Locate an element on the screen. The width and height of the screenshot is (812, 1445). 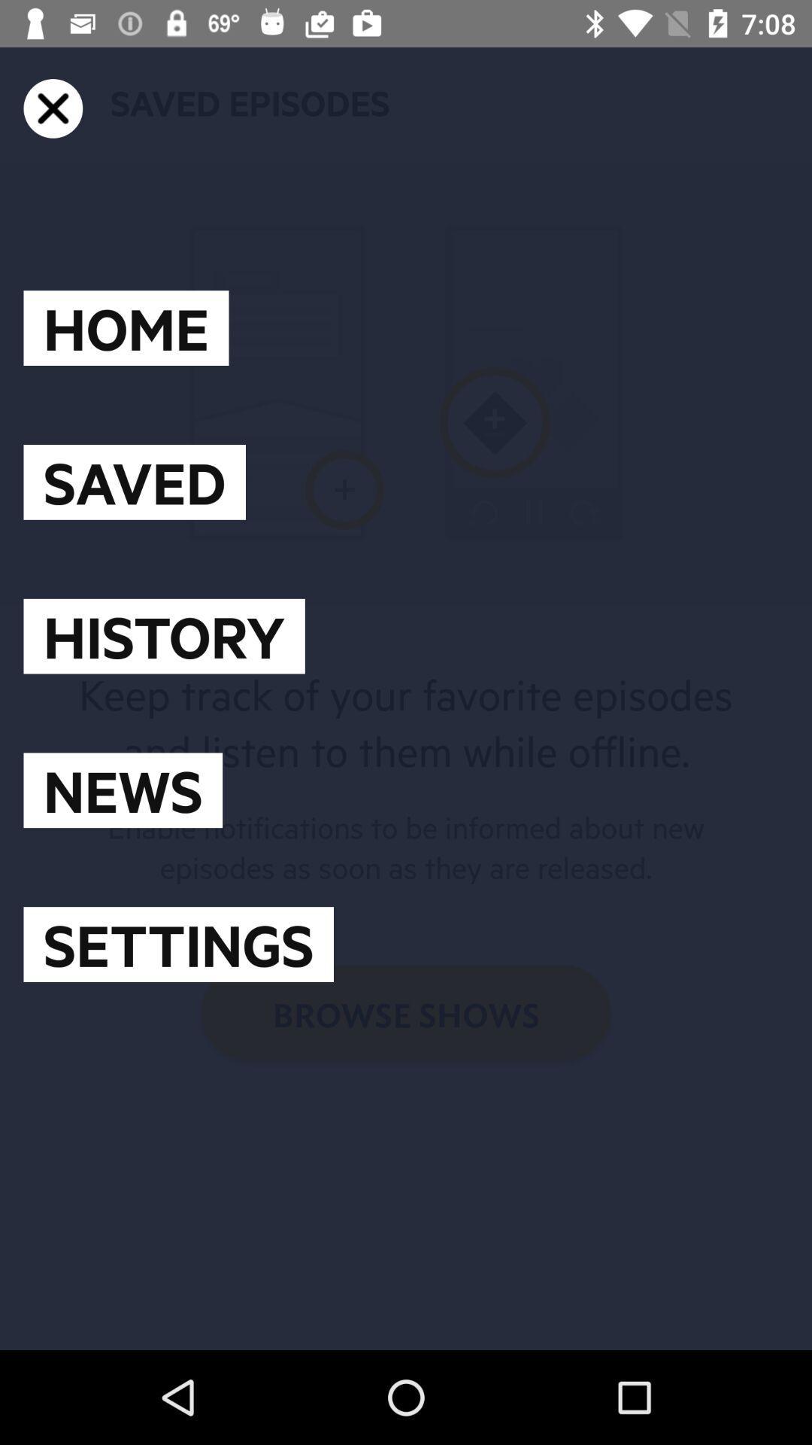
the history is located at coordinates (164, 636).